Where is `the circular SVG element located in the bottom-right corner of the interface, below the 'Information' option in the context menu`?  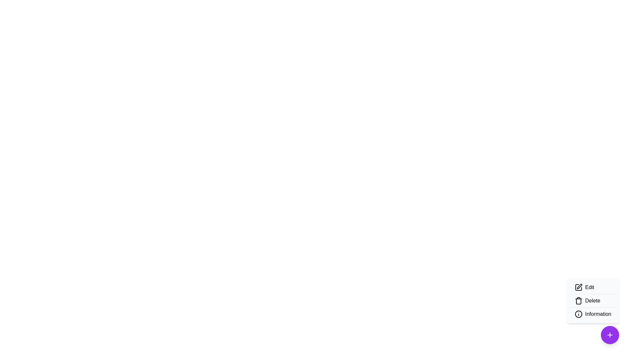 the circular SVG element located in the bottom-right corner of the interface, below the 'Information' option in the context menu is located at coordinates (578, 314).